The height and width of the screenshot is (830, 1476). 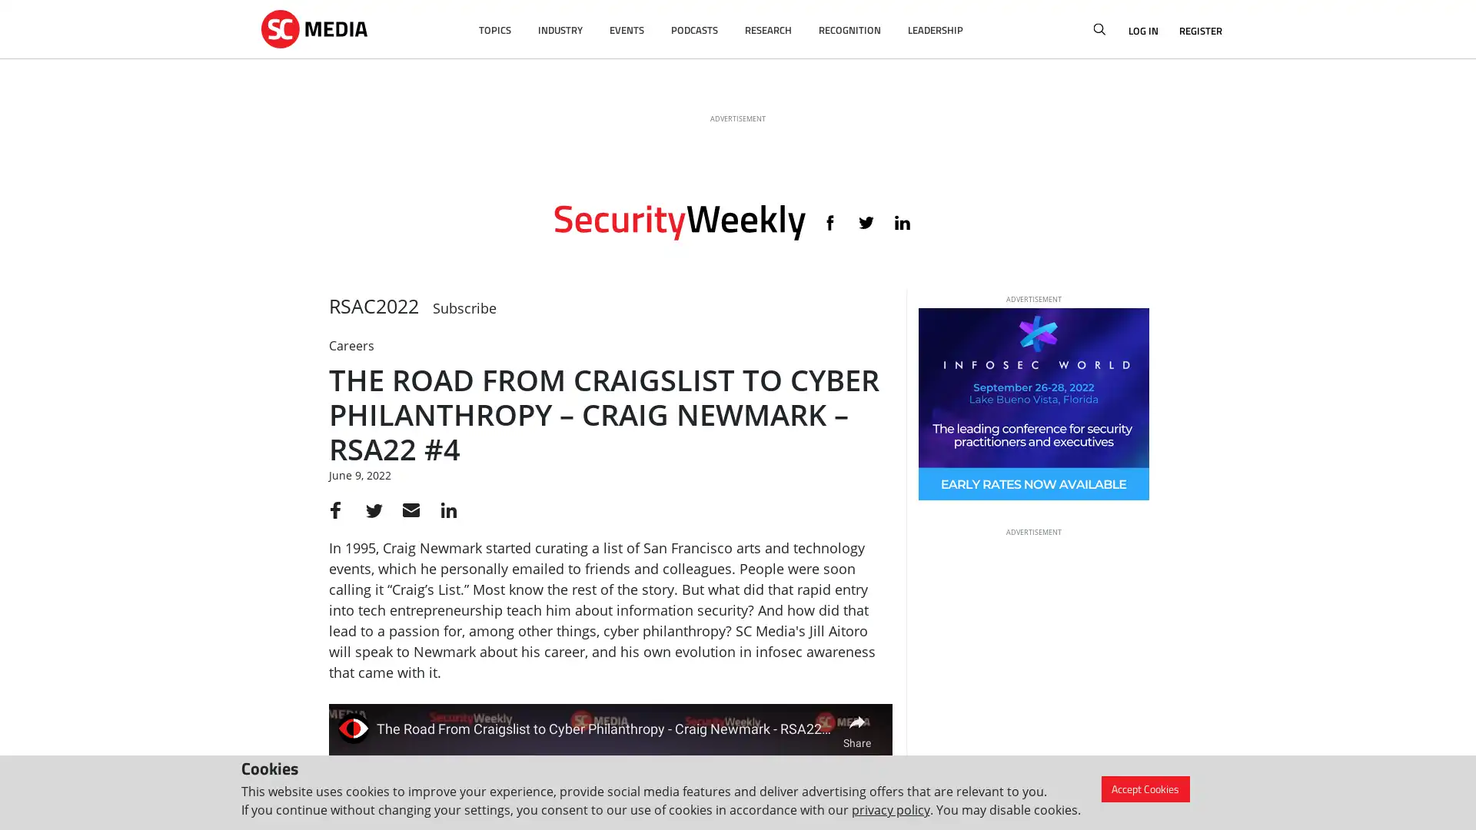 What do you see at coordinates (626, 30) in the screenshot?
I see `EVENTS` at bounding box center [626, 30].